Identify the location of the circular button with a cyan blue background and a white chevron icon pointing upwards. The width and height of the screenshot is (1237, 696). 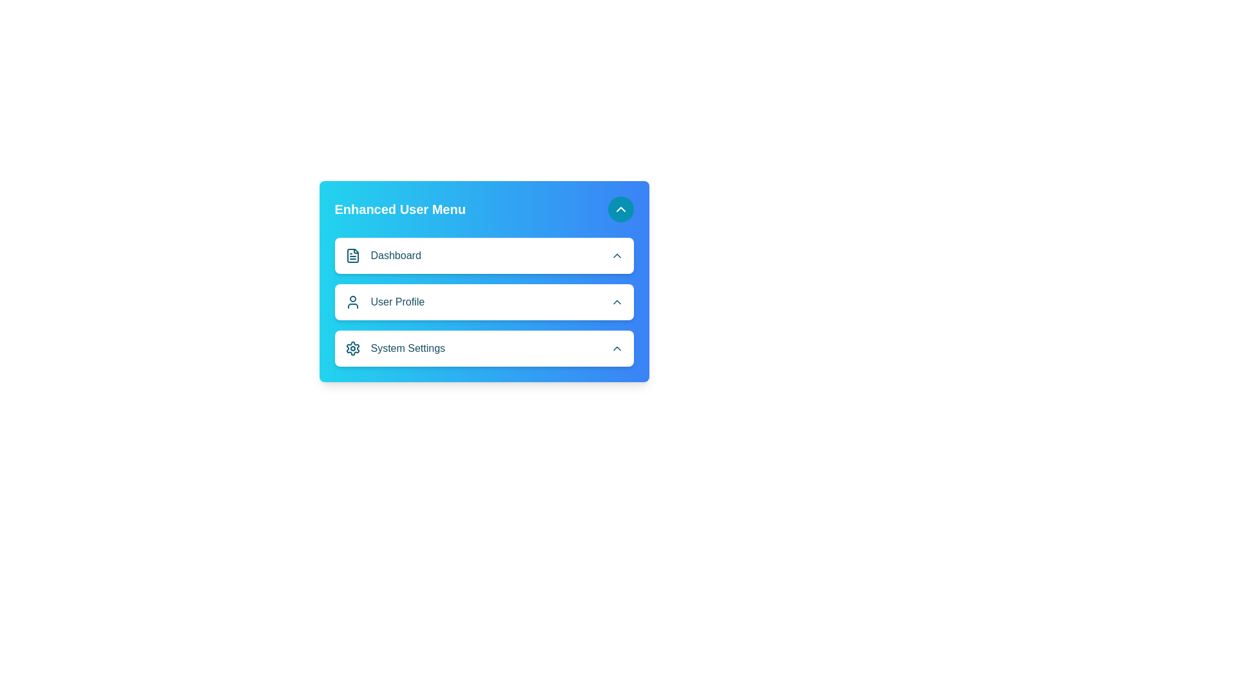
(620, 208).